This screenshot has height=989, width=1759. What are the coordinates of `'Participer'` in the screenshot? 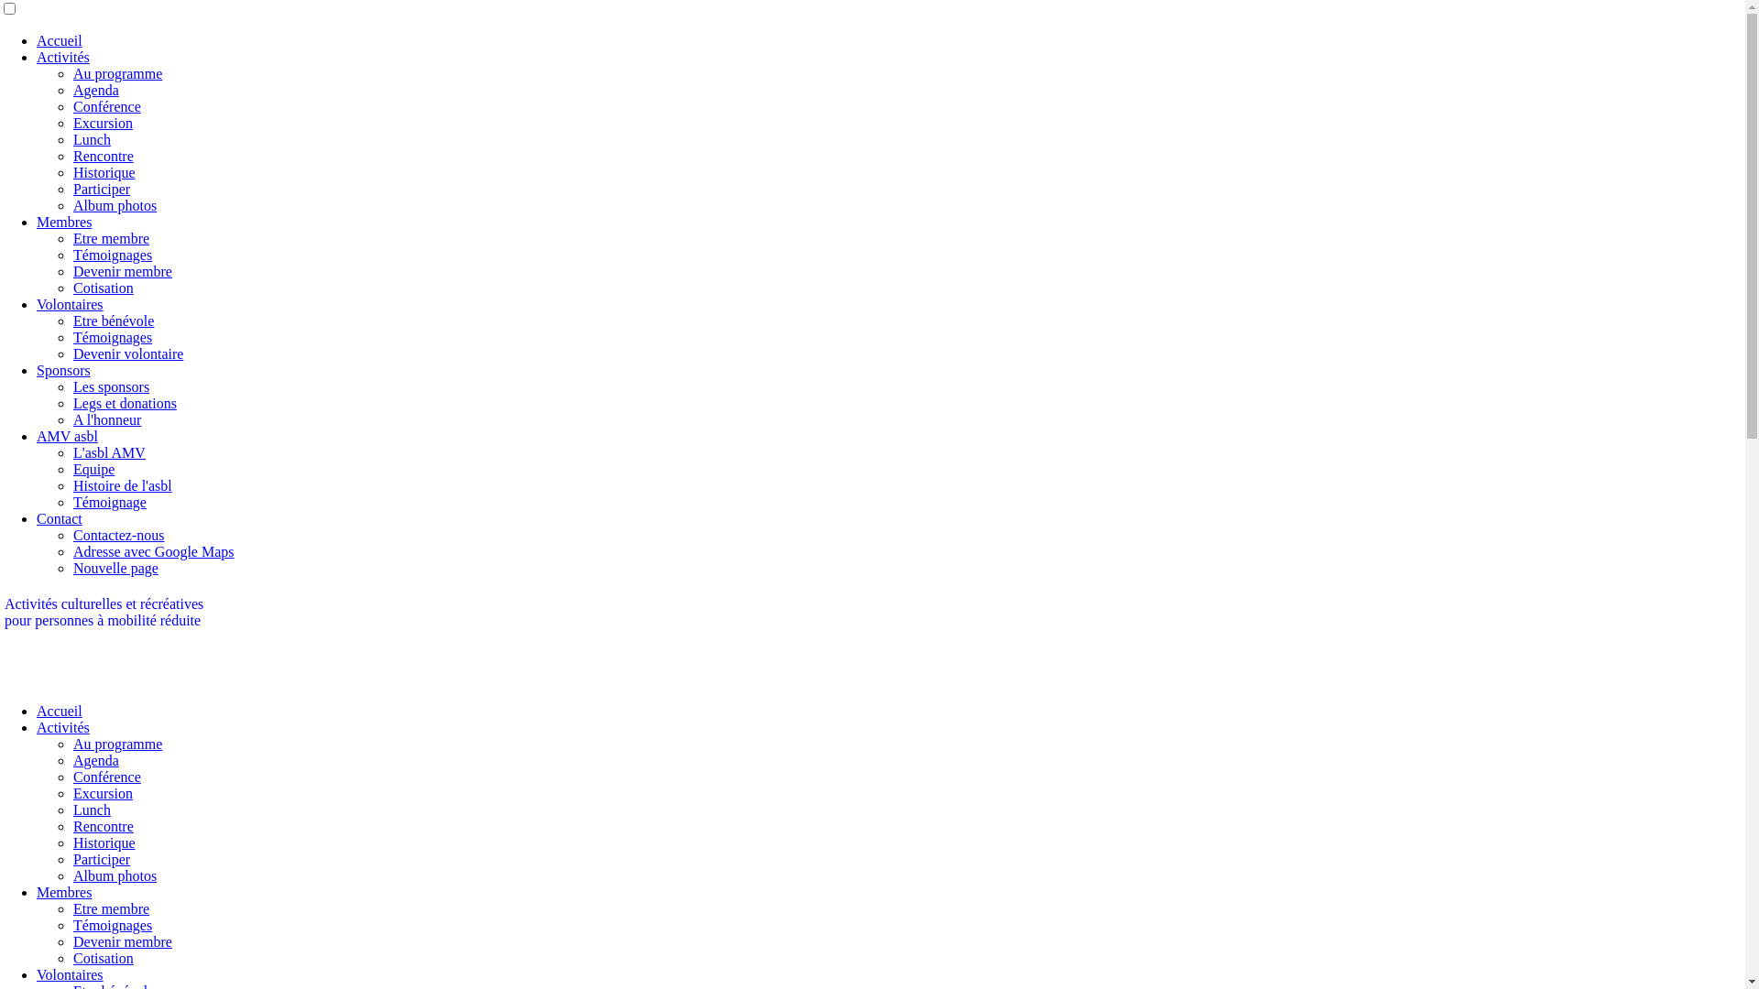 It's located at (73, 859).